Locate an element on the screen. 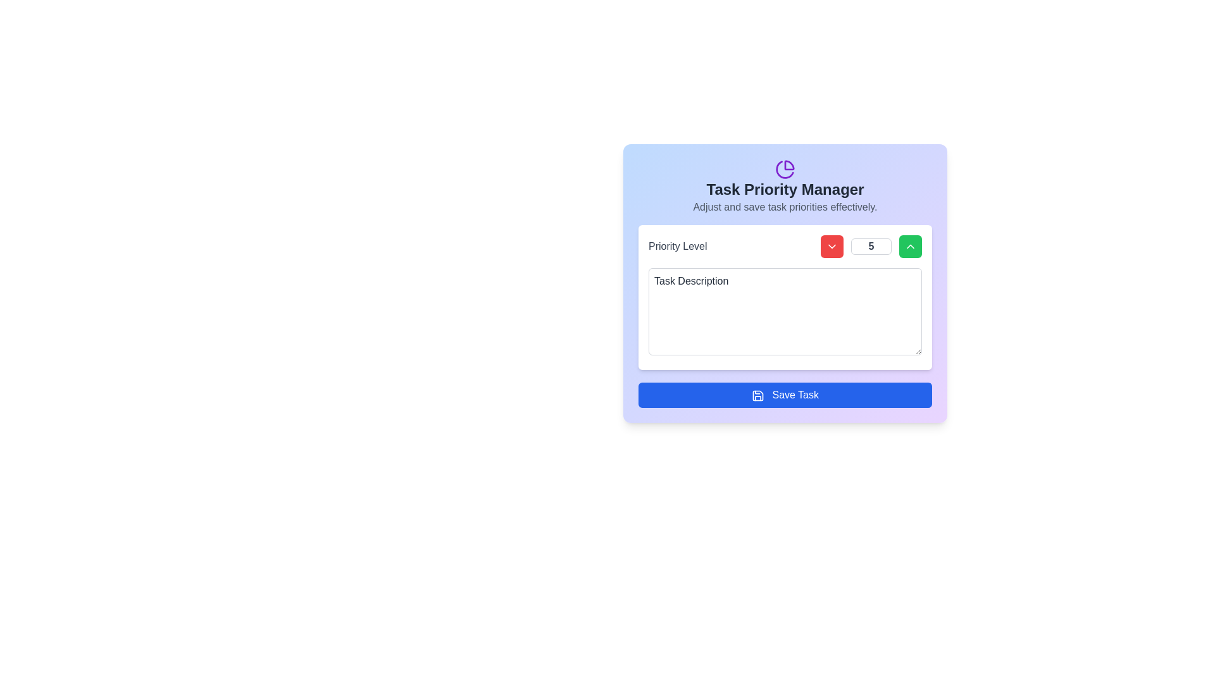 The width and height of the screenshot is (1215, 683). the upward action icon within the green button to increment the priority level value is located at coordinates (910, 246).